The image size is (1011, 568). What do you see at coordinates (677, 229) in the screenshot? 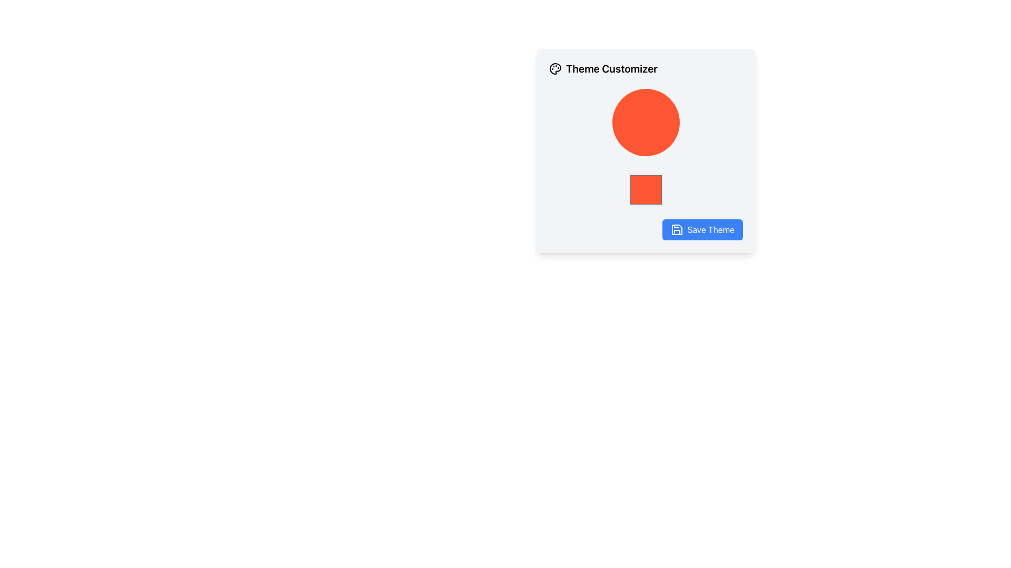
I see `the save icon (floppy disk) located inside the 'Save Theme' button at the bottom-right of the 'Theme Customizer' interface` at bounding box center [677, 229].